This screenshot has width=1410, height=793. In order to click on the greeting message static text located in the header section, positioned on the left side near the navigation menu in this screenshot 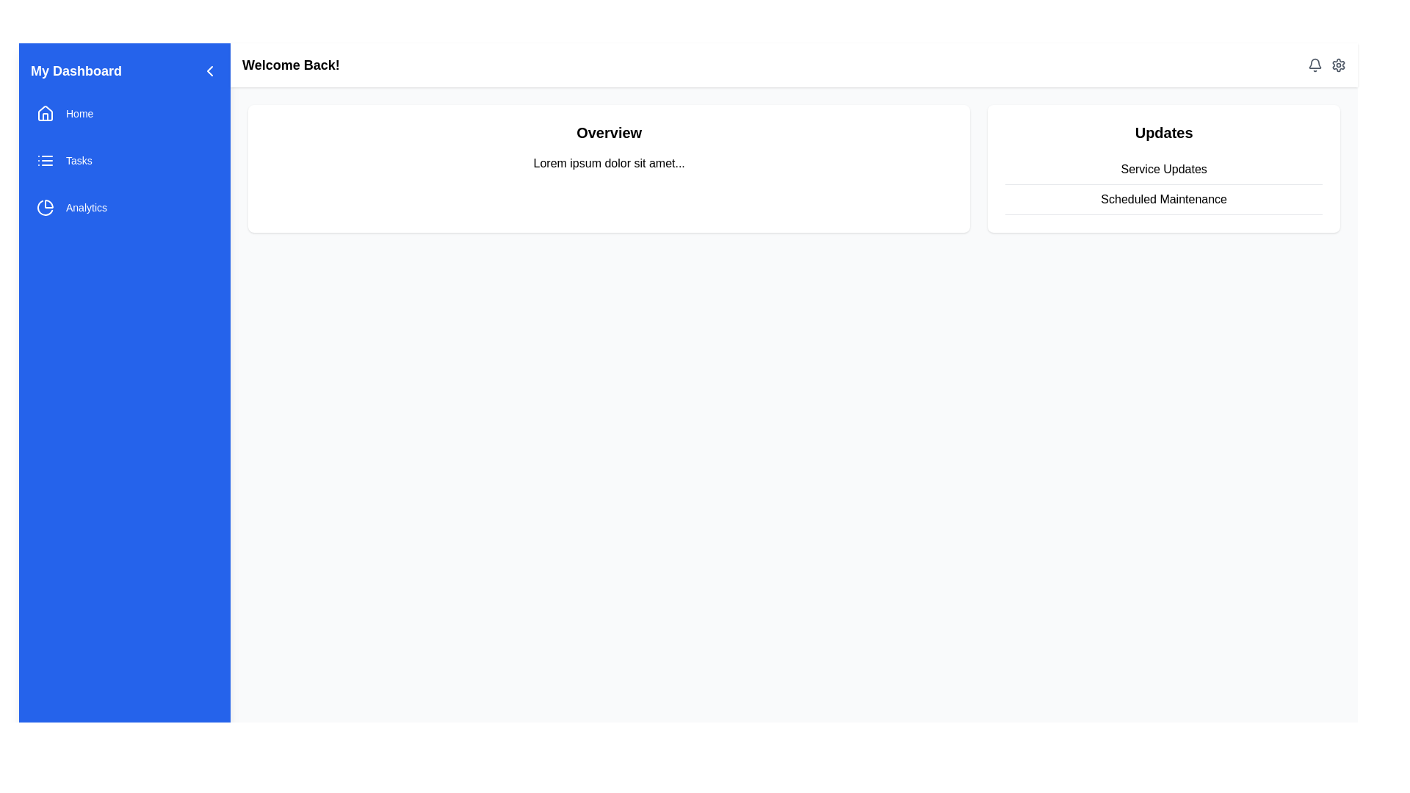, I will do `click(291, 64)`.